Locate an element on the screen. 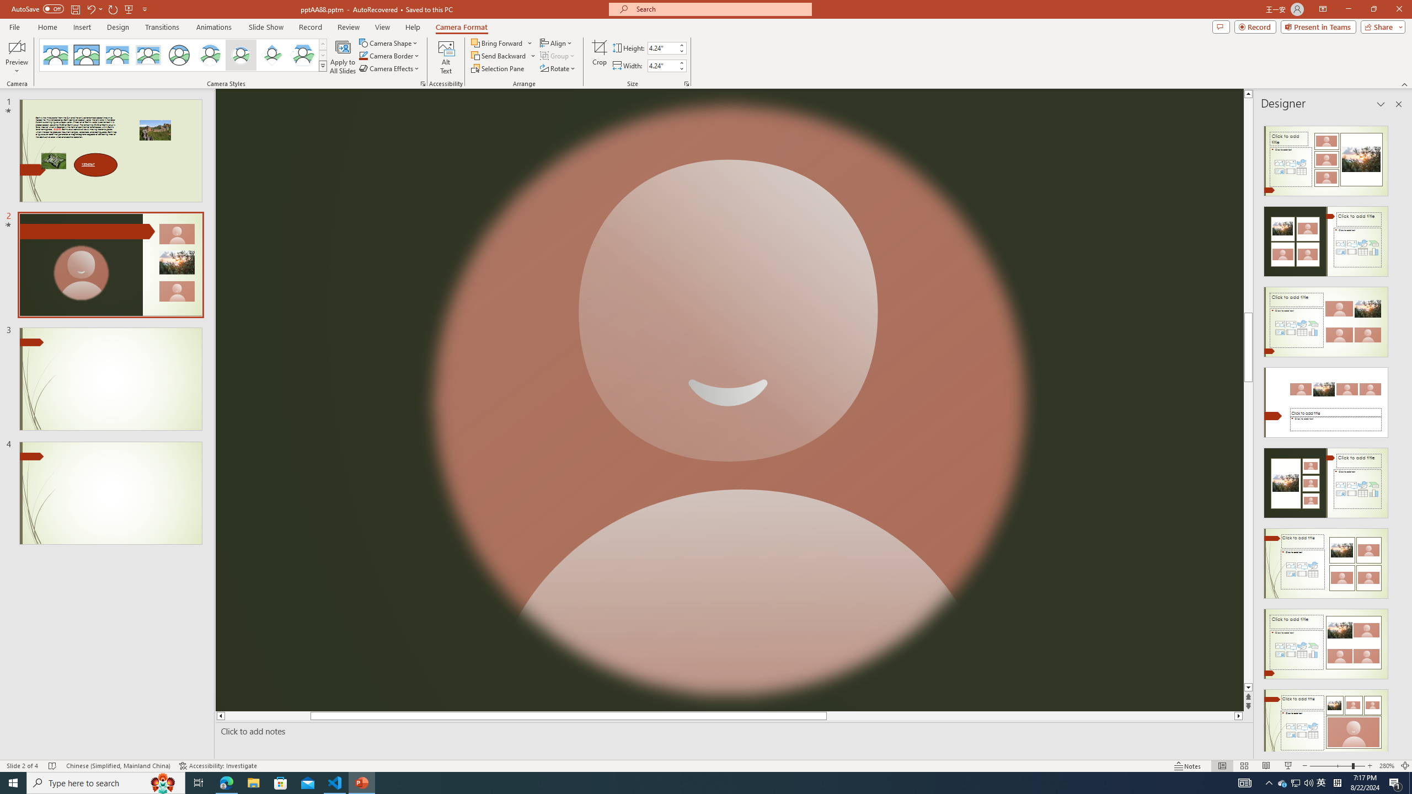 This screenshot has height=794, width=1412. 'Camera Effects' is located at coordinates (389, 67).